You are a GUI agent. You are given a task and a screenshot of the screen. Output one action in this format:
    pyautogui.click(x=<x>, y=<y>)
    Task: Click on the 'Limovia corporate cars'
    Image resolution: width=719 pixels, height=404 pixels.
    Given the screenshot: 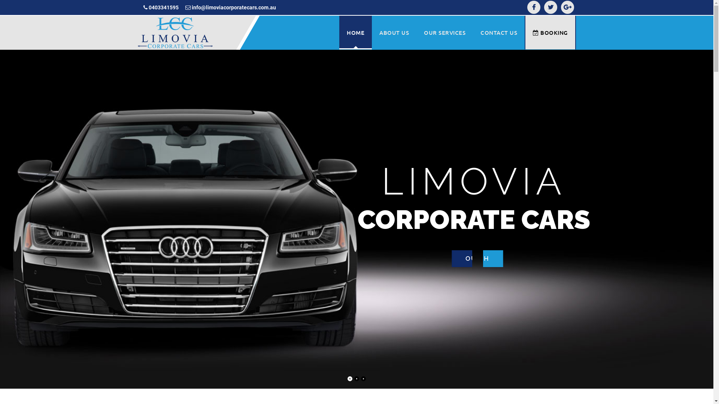 What is the action you would take?
    pyautogui.click(x=138, y=32)
    